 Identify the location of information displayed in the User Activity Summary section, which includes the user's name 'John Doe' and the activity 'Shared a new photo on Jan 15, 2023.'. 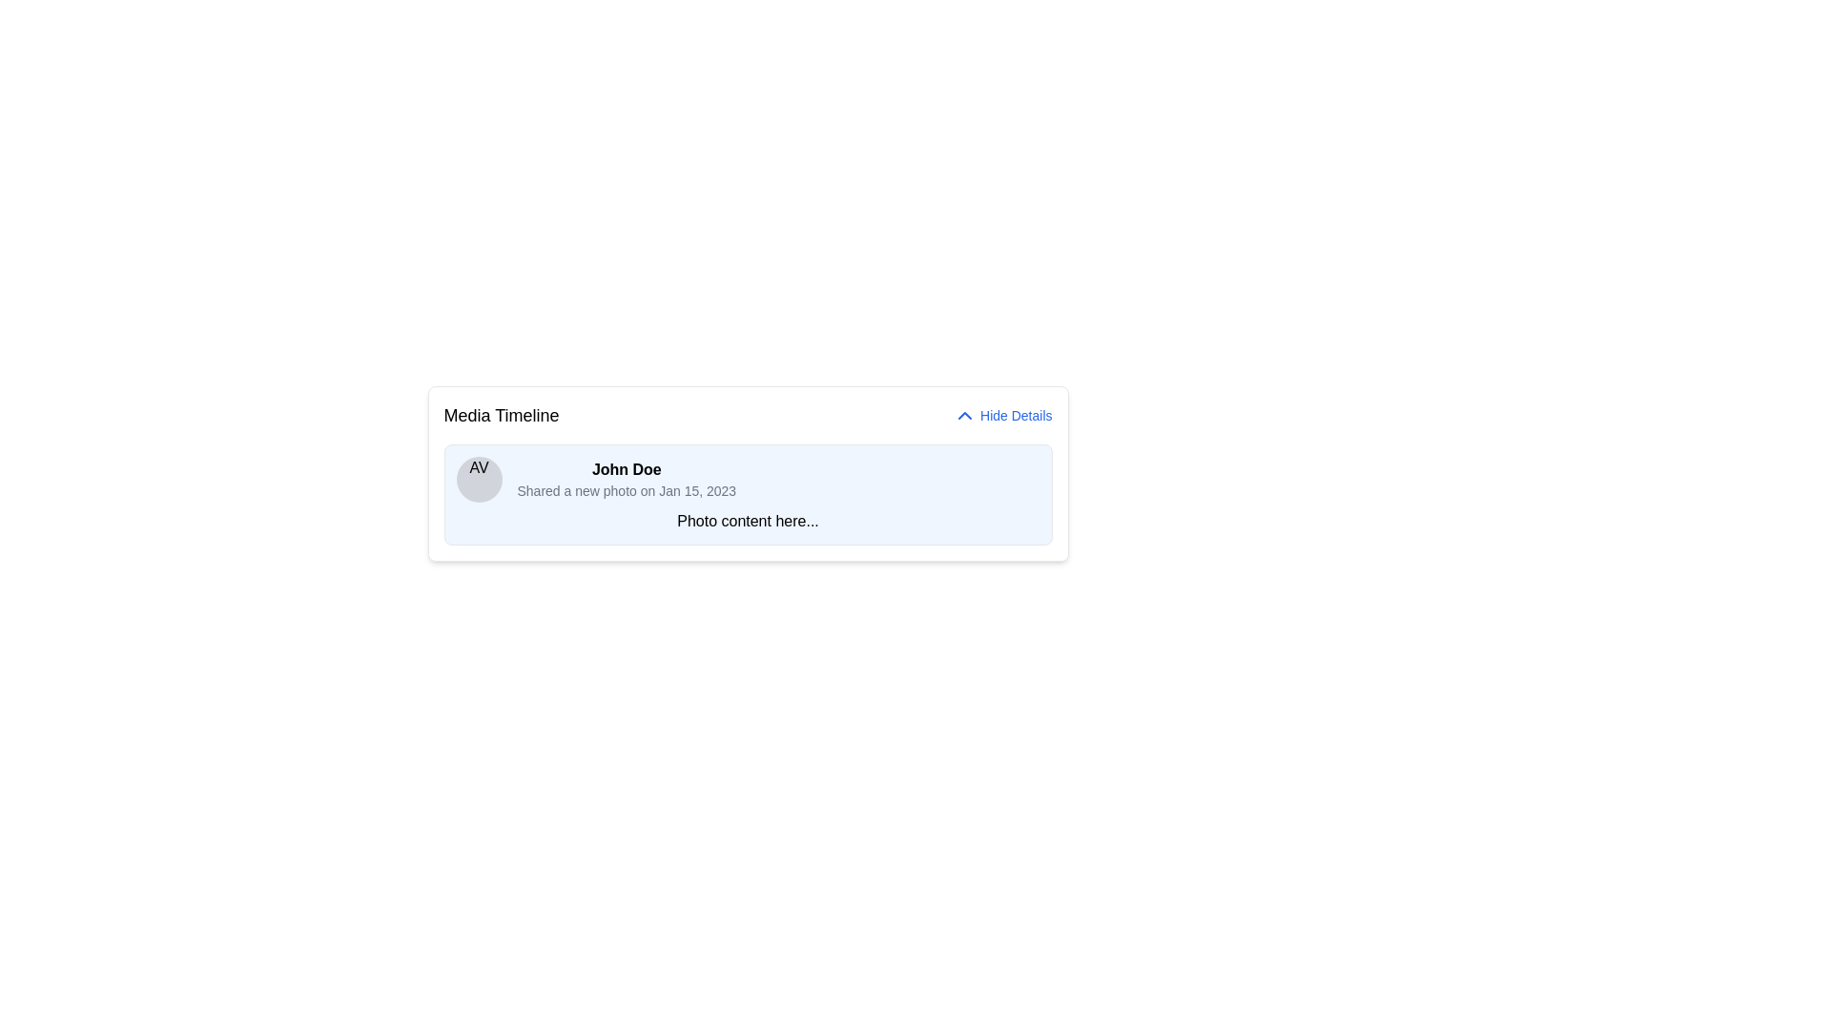
(747, 478).